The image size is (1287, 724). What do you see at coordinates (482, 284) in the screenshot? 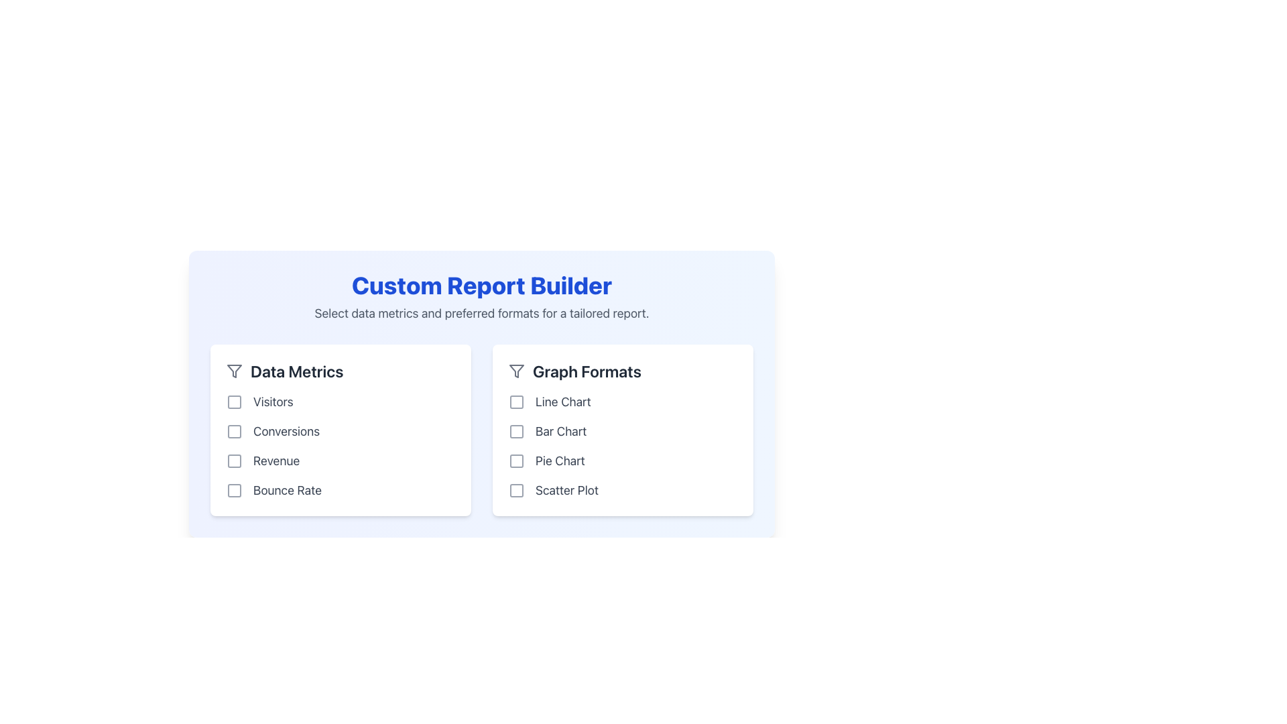
I see `the large bold text title 'Custom Report Builder' which is centrally aligned and colored vibrant blue` at bounding box center [482, 284].